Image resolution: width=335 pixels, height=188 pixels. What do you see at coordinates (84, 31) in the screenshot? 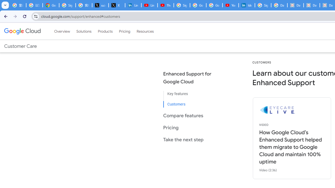
I see `'Solutions'` at bounding box center [84, 31].